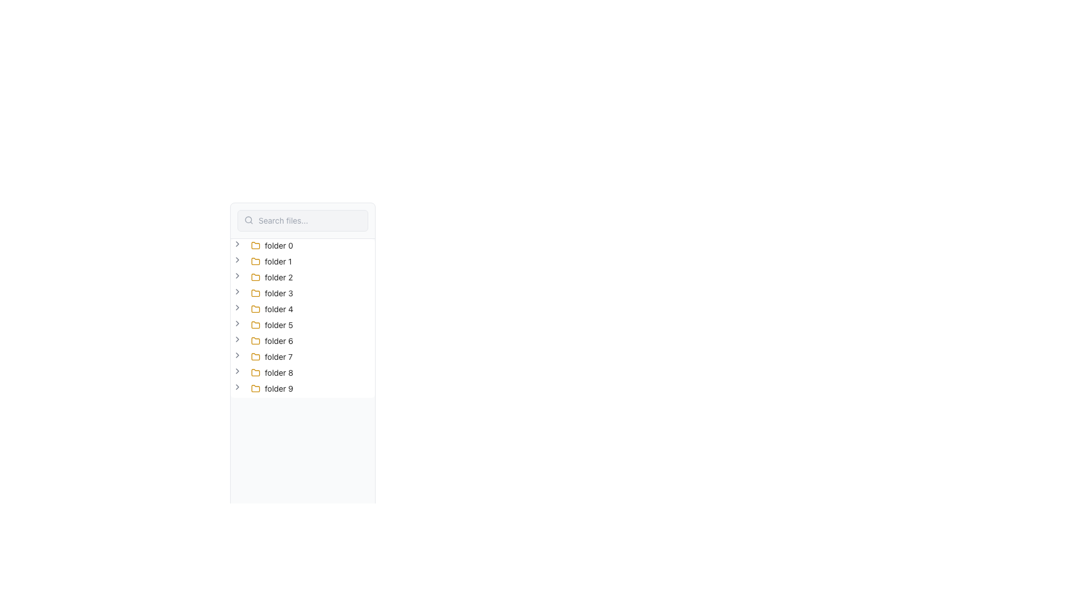 This screenshot has width=1091, height=613. Describe the element at coordinates (272, 341) in the screenshot. I see `the Tree node content box representing 'folder 6'` at that location.